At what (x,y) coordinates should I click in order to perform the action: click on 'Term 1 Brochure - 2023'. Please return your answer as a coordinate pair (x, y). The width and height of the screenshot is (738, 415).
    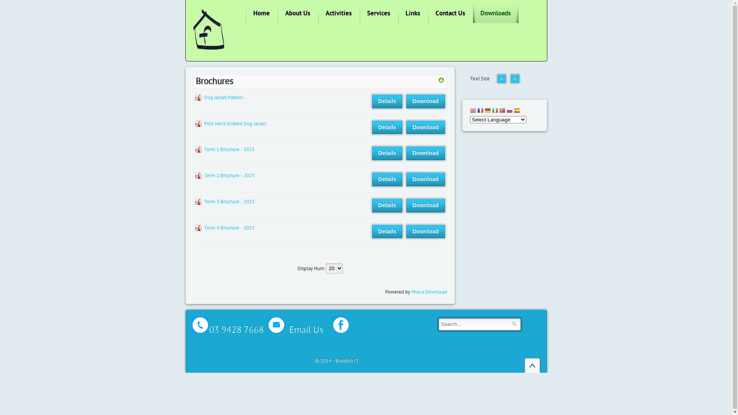
    Looking at the image, I should click on (228, 149).